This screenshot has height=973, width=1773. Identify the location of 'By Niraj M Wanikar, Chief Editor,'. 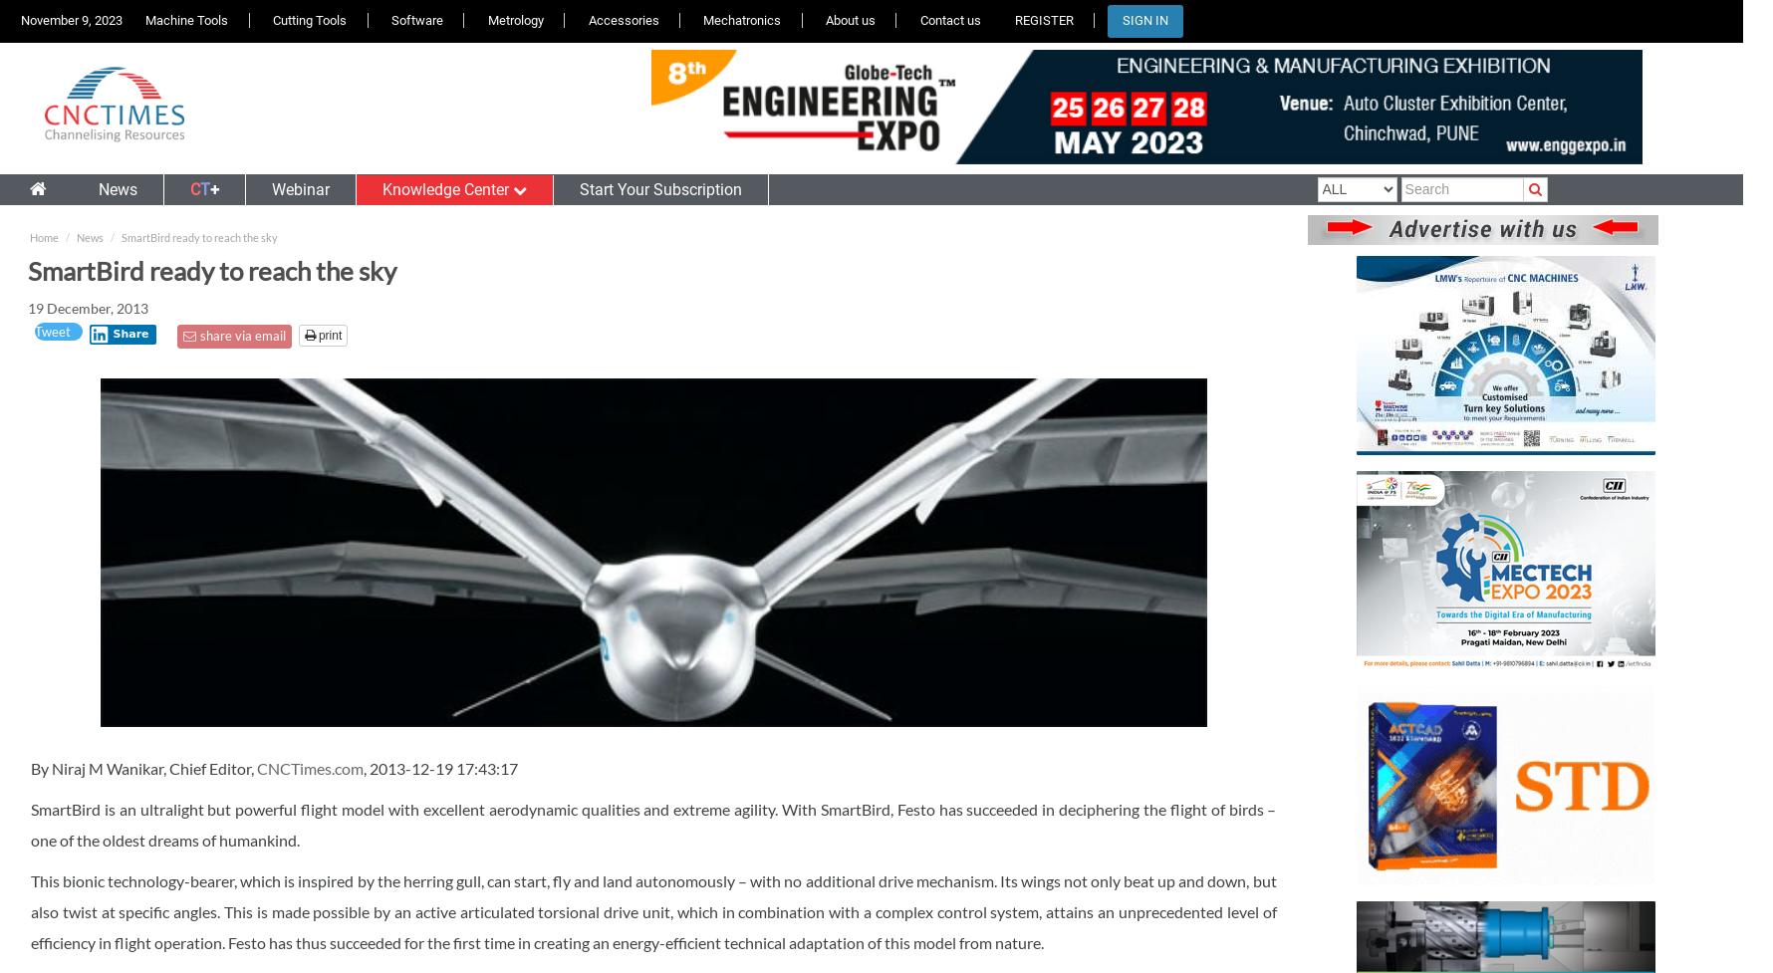
(142, 767).